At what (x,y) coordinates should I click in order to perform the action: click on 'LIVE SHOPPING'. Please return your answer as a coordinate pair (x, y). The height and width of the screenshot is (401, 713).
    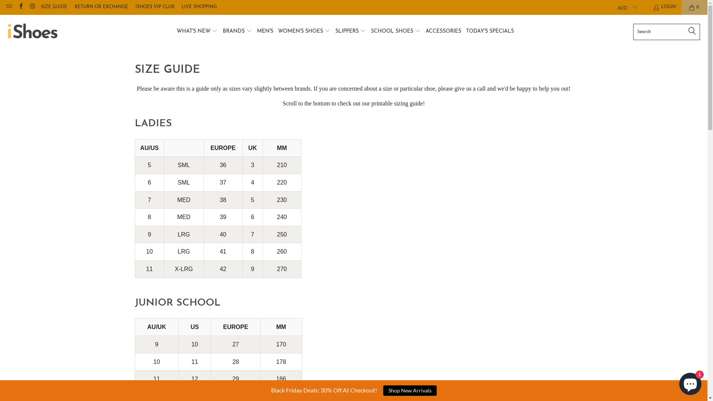
    Looking at the image, I should click on (199, 7).